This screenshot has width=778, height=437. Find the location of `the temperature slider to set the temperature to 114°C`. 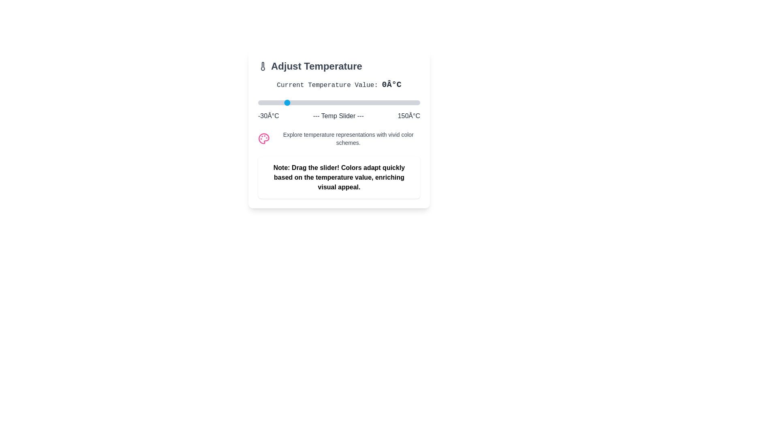

the temperature slider to set the temperature to 114°C is located at coordinates (387, 102).